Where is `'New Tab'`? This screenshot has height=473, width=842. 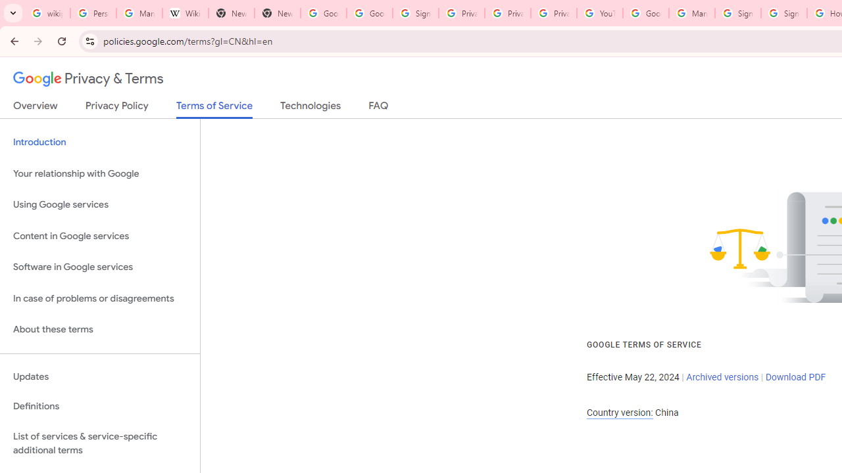
'New Tab' is located at coordinates (276, 13).